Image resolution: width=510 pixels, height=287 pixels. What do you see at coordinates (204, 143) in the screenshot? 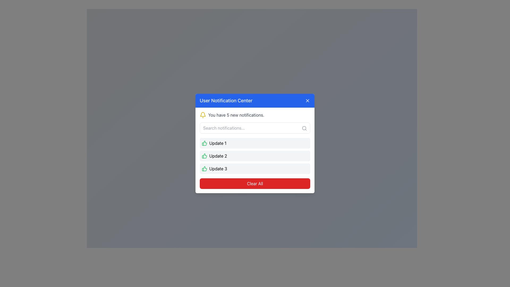
I see `the green thumbs-up icon located at the beginning of the notification list for 'Update 1'` at bounding box center [204, 143].